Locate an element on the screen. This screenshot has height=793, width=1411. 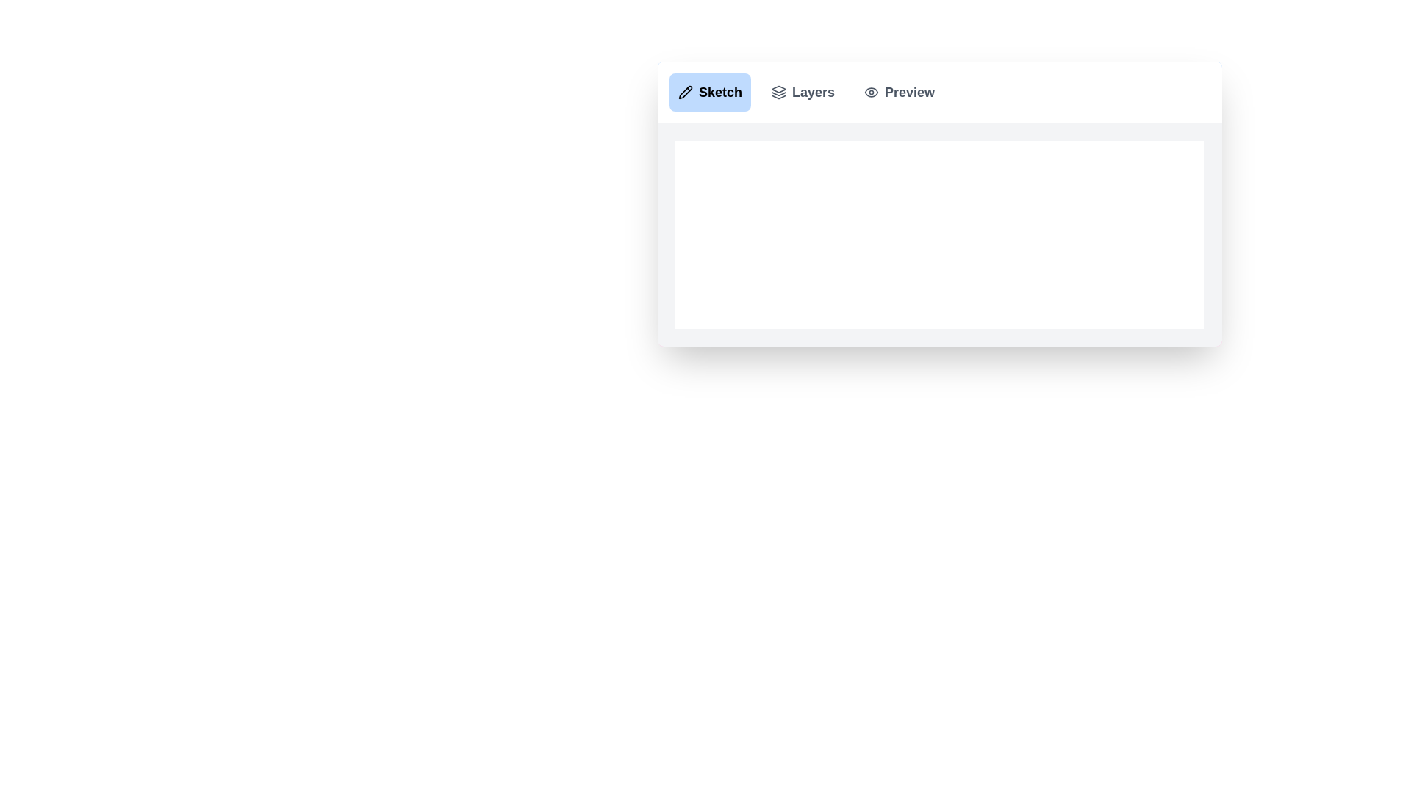
the canvas area in the 'Sketch' tab is located at coordinates (938, 234).